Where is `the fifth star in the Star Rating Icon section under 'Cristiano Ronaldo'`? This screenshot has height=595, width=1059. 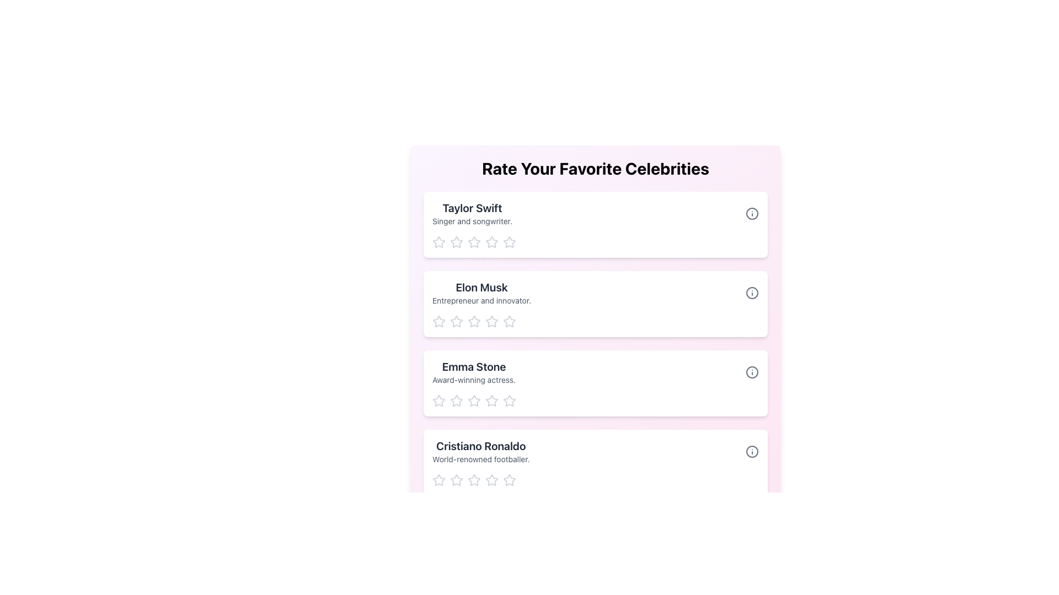
the fifth star in the Star Rating Icon section under 'Cristiano Ronaldo' is located at coordinates (509, 479).